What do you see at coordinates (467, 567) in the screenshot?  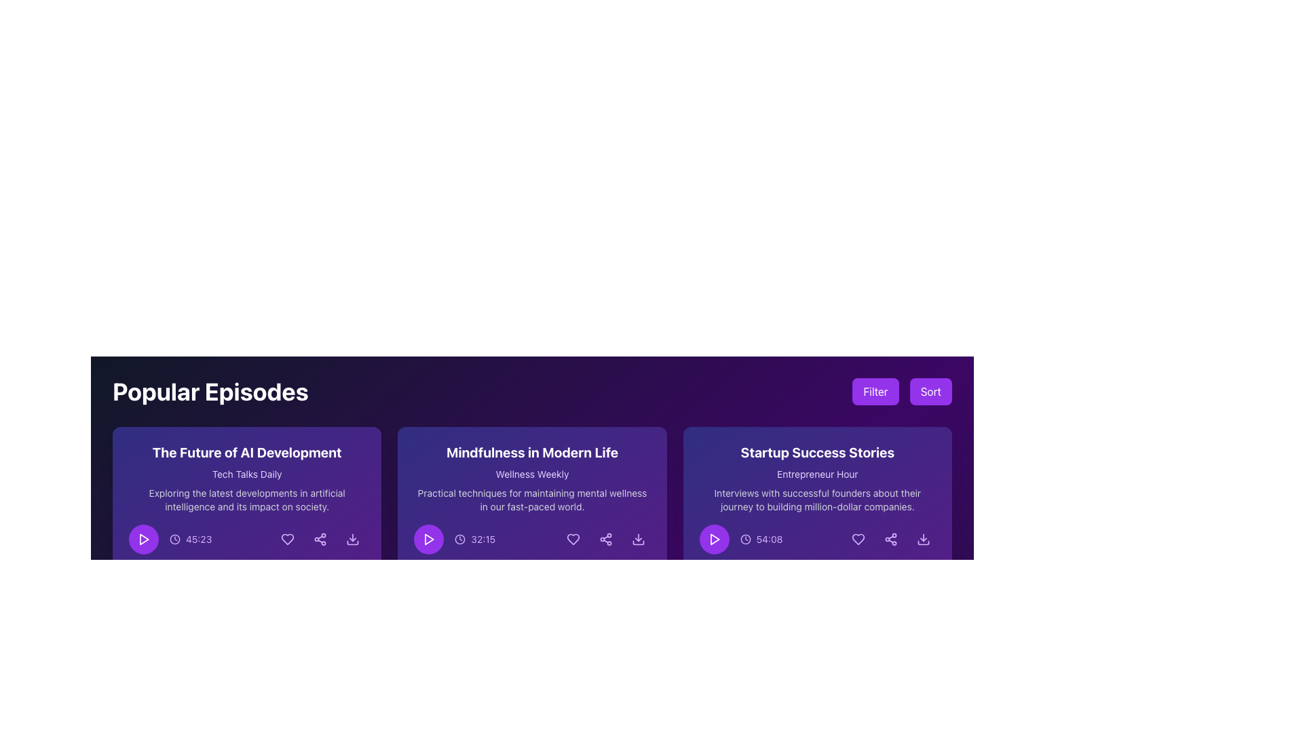 I see `the progress bar located in the 'Mindfulness in Modern Life' card, positioned below the playback controls and duration label` at bounding box center [467, 567].